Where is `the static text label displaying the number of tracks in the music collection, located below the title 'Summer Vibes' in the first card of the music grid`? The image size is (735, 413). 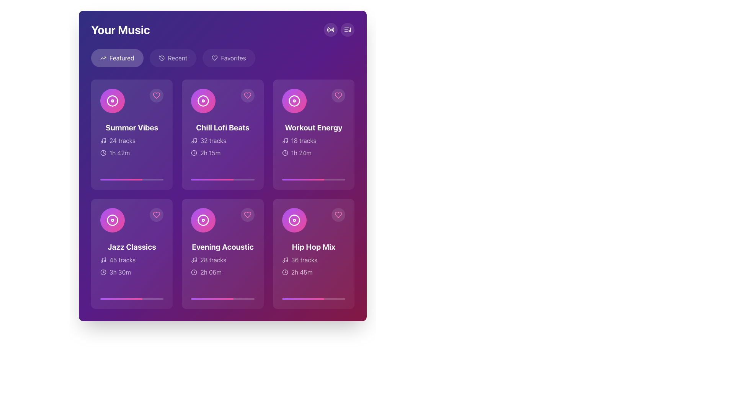
the static text label displaying the number of tracks in the music collection, located below the title 'Summer Vibes' in the first card of the music grid is located at coordinates (122, 140).